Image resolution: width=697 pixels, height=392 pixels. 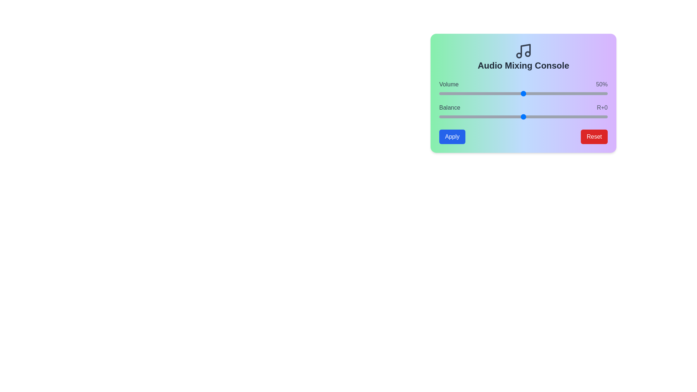 I want to click on the upper part of the musical note icon located at the top-center of the 'Audio Mixing Console' panel, so click(x=526, y=50).